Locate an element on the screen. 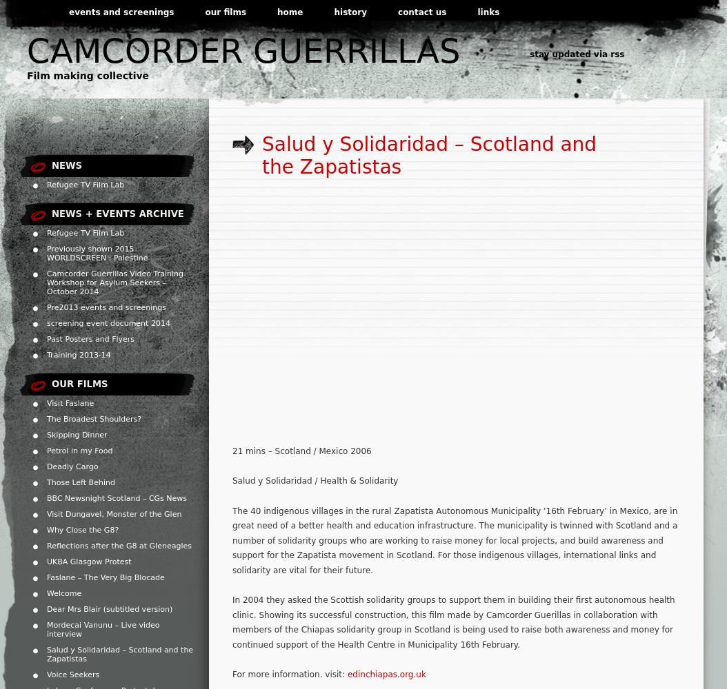  'Petrol in my Food' is located at coordinates (79, 451).